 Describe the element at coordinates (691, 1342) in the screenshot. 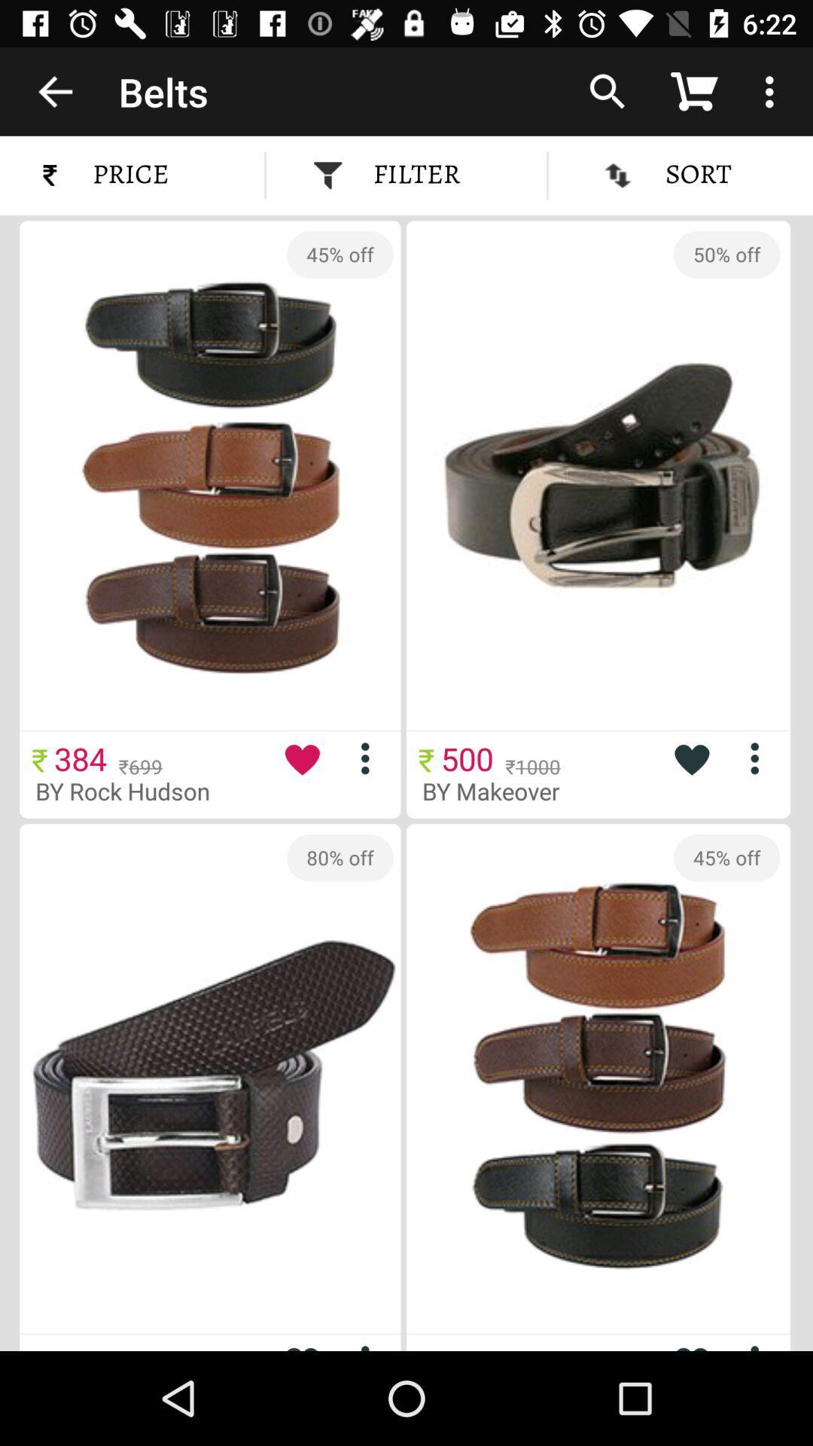

I see `to favorites` at that location.